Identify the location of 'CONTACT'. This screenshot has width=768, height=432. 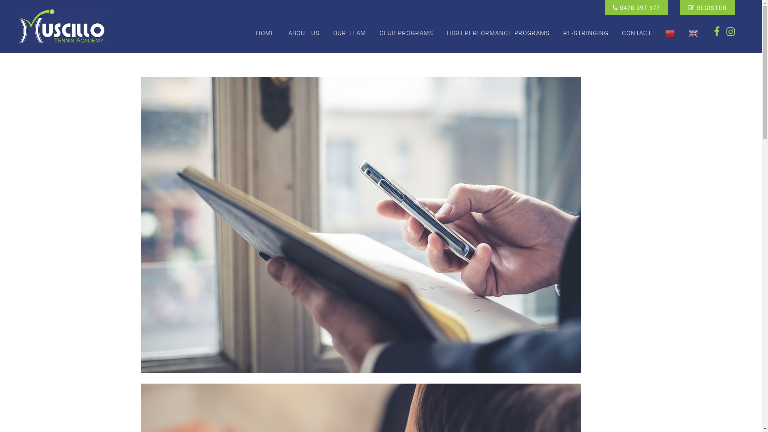
(636, 33).